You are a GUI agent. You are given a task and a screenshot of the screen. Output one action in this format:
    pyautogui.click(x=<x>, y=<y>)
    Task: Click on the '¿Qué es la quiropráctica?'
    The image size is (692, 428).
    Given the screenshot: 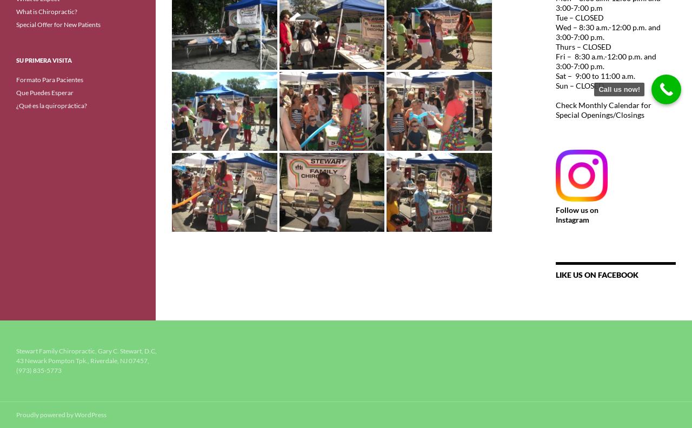 What is the action you would take?
    pyautogui.click(x=51, y=105)
    